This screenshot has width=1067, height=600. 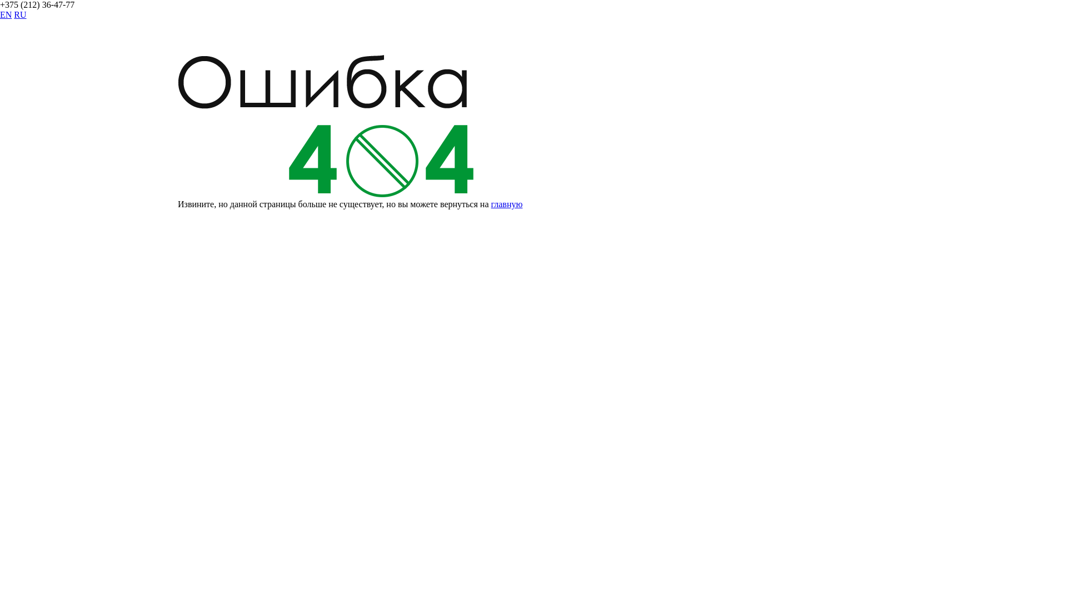 I want to click on 'EN', so click(x=6, y=14).